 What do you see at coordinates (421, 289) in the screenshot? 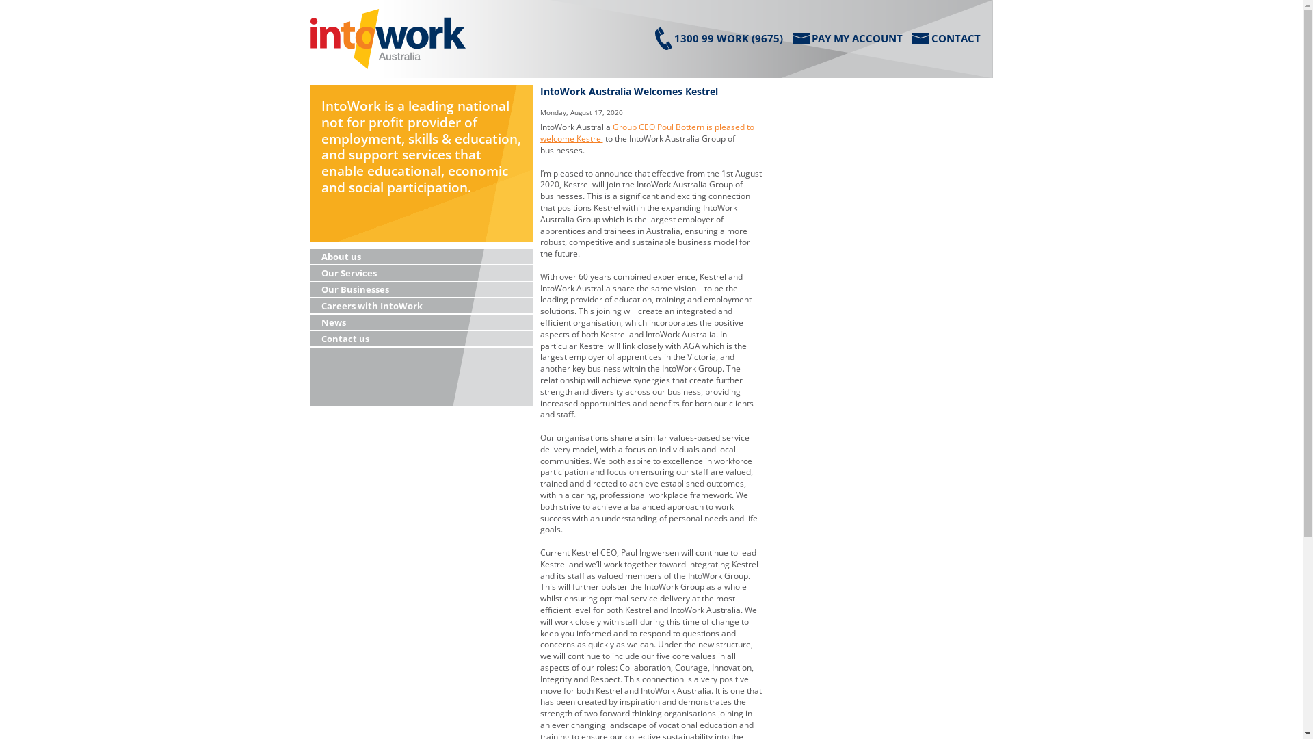
I see `'Our Businesses'` at bounding box center [421, 289].